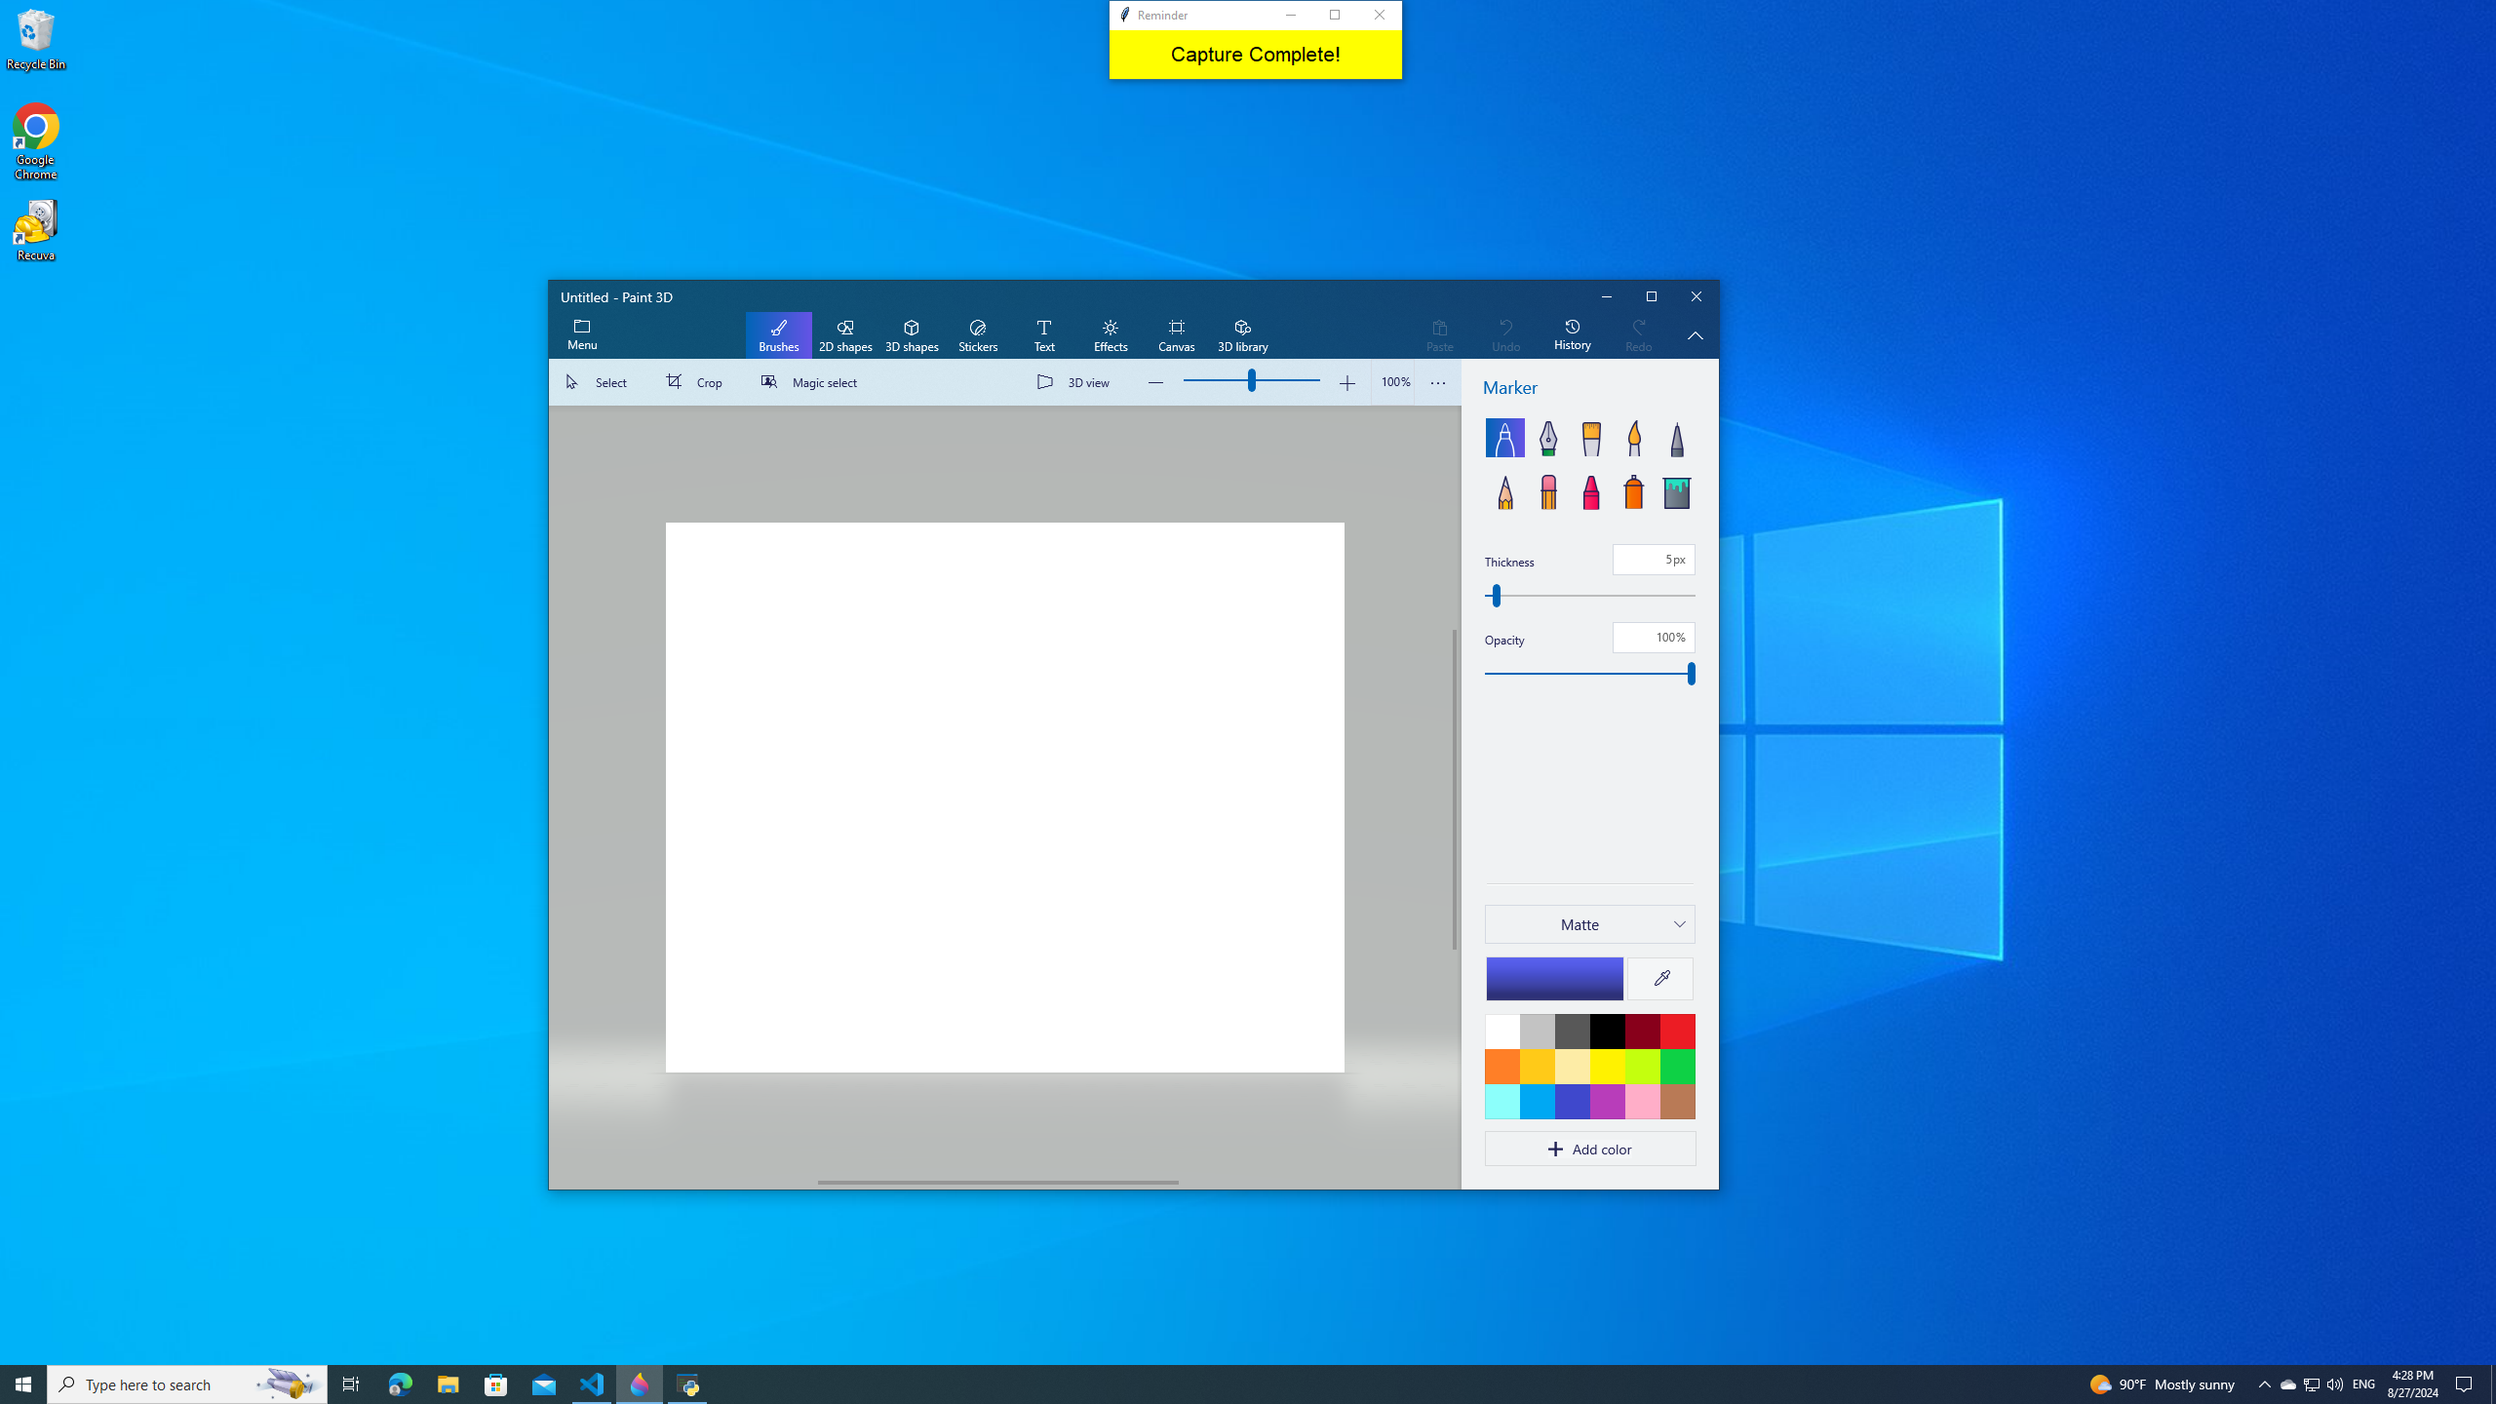 This screenshot has width=2496, height=1404. What do you see at coordinates (1633, 488) in the screenshot?
I see `'Spray can'` at bounding box center [1633, 488].